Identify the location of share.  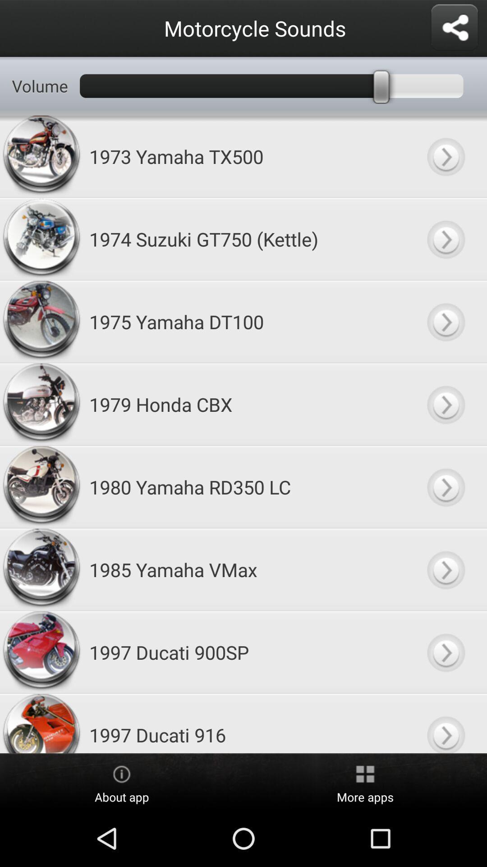
(454, 28).